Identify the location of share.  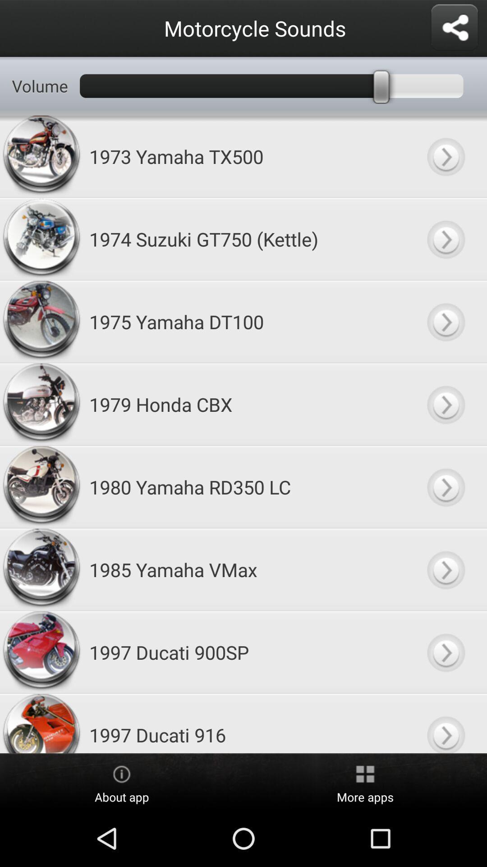
(454, 28).